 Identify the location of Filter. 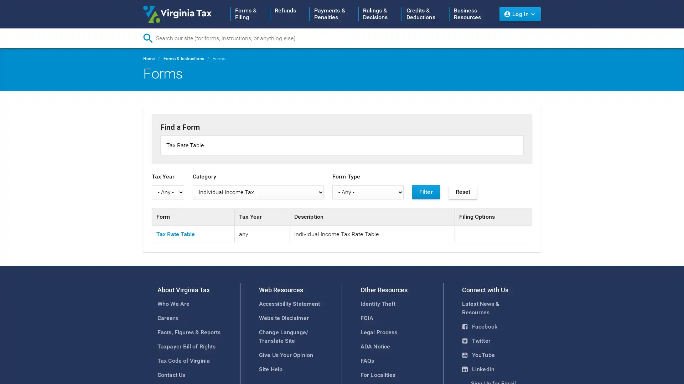
(426, 191).